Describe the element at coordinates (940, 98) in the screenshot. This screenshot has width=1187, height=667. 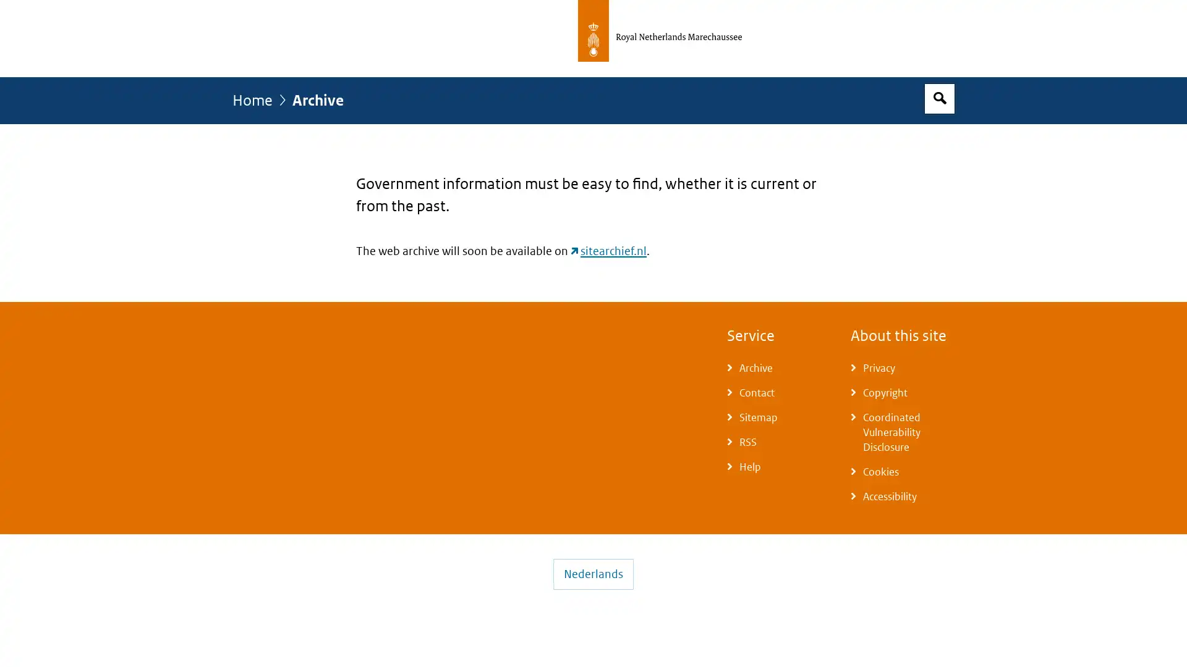
I see `Open search box` at that location.